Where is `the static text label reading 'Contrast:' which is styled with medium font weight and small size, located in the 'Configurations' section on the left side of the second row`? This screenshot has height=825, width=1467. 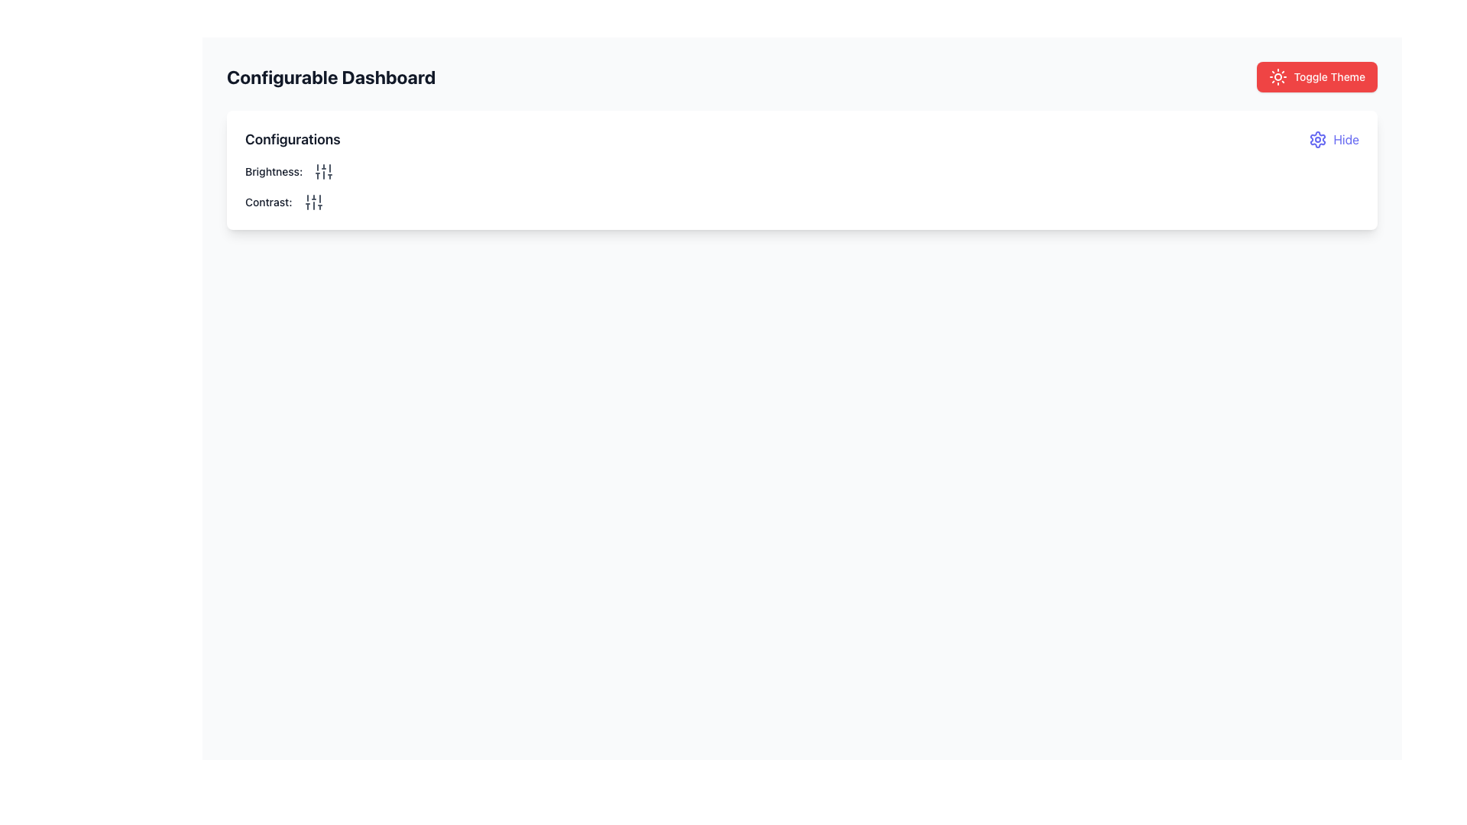 the static text label reading 'Contrast:' which is styled with medium font weight and small size, located in the 'Configurations' section on the left side of the second row is located at coordinates (268, 202).